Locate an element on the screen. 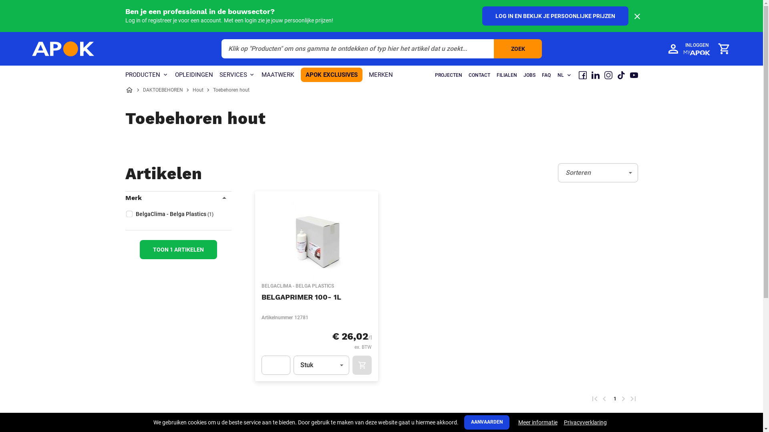  'OPLEIDINGEN' is located at coordinates (193, 75).